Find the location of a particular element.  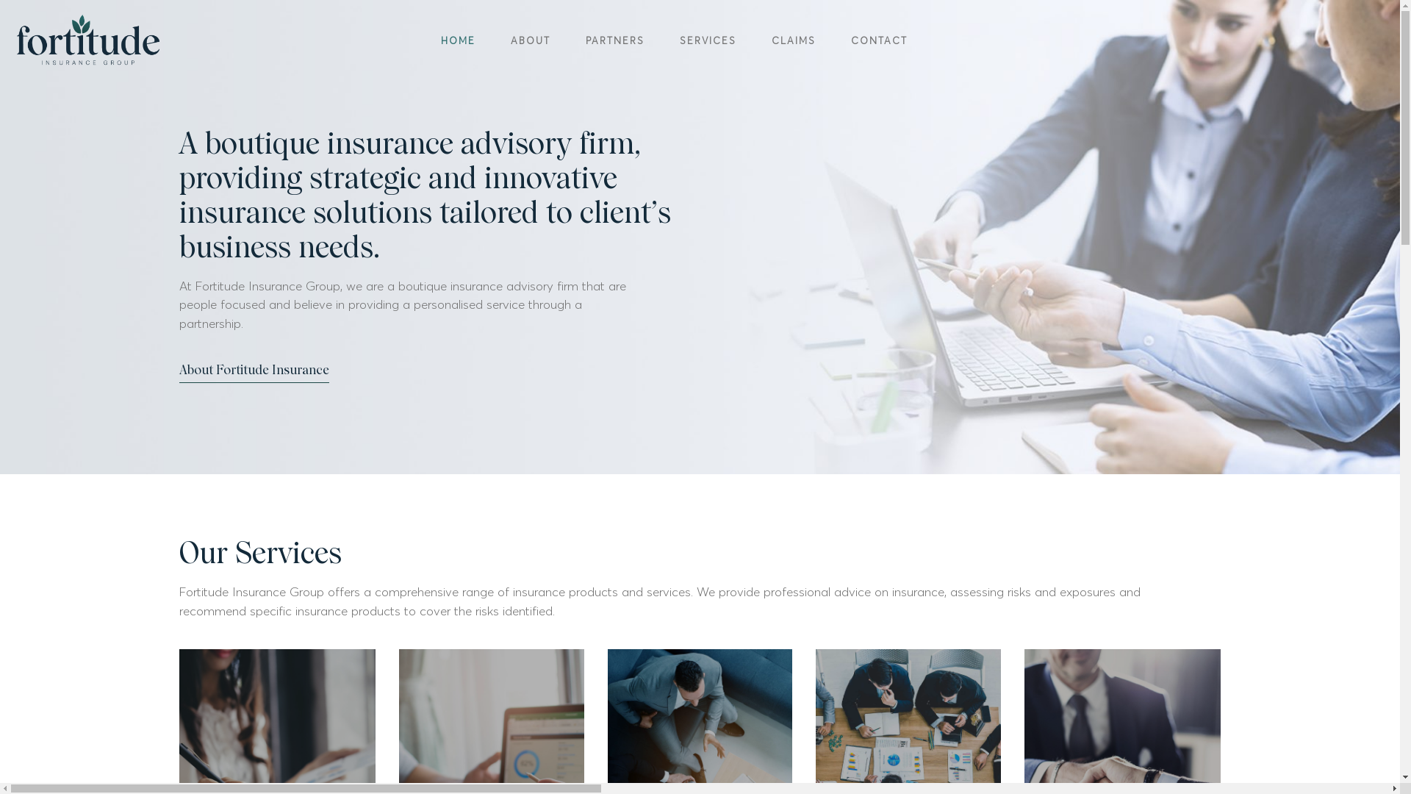

'PARTNERS' is located at coordinates (614, 40).